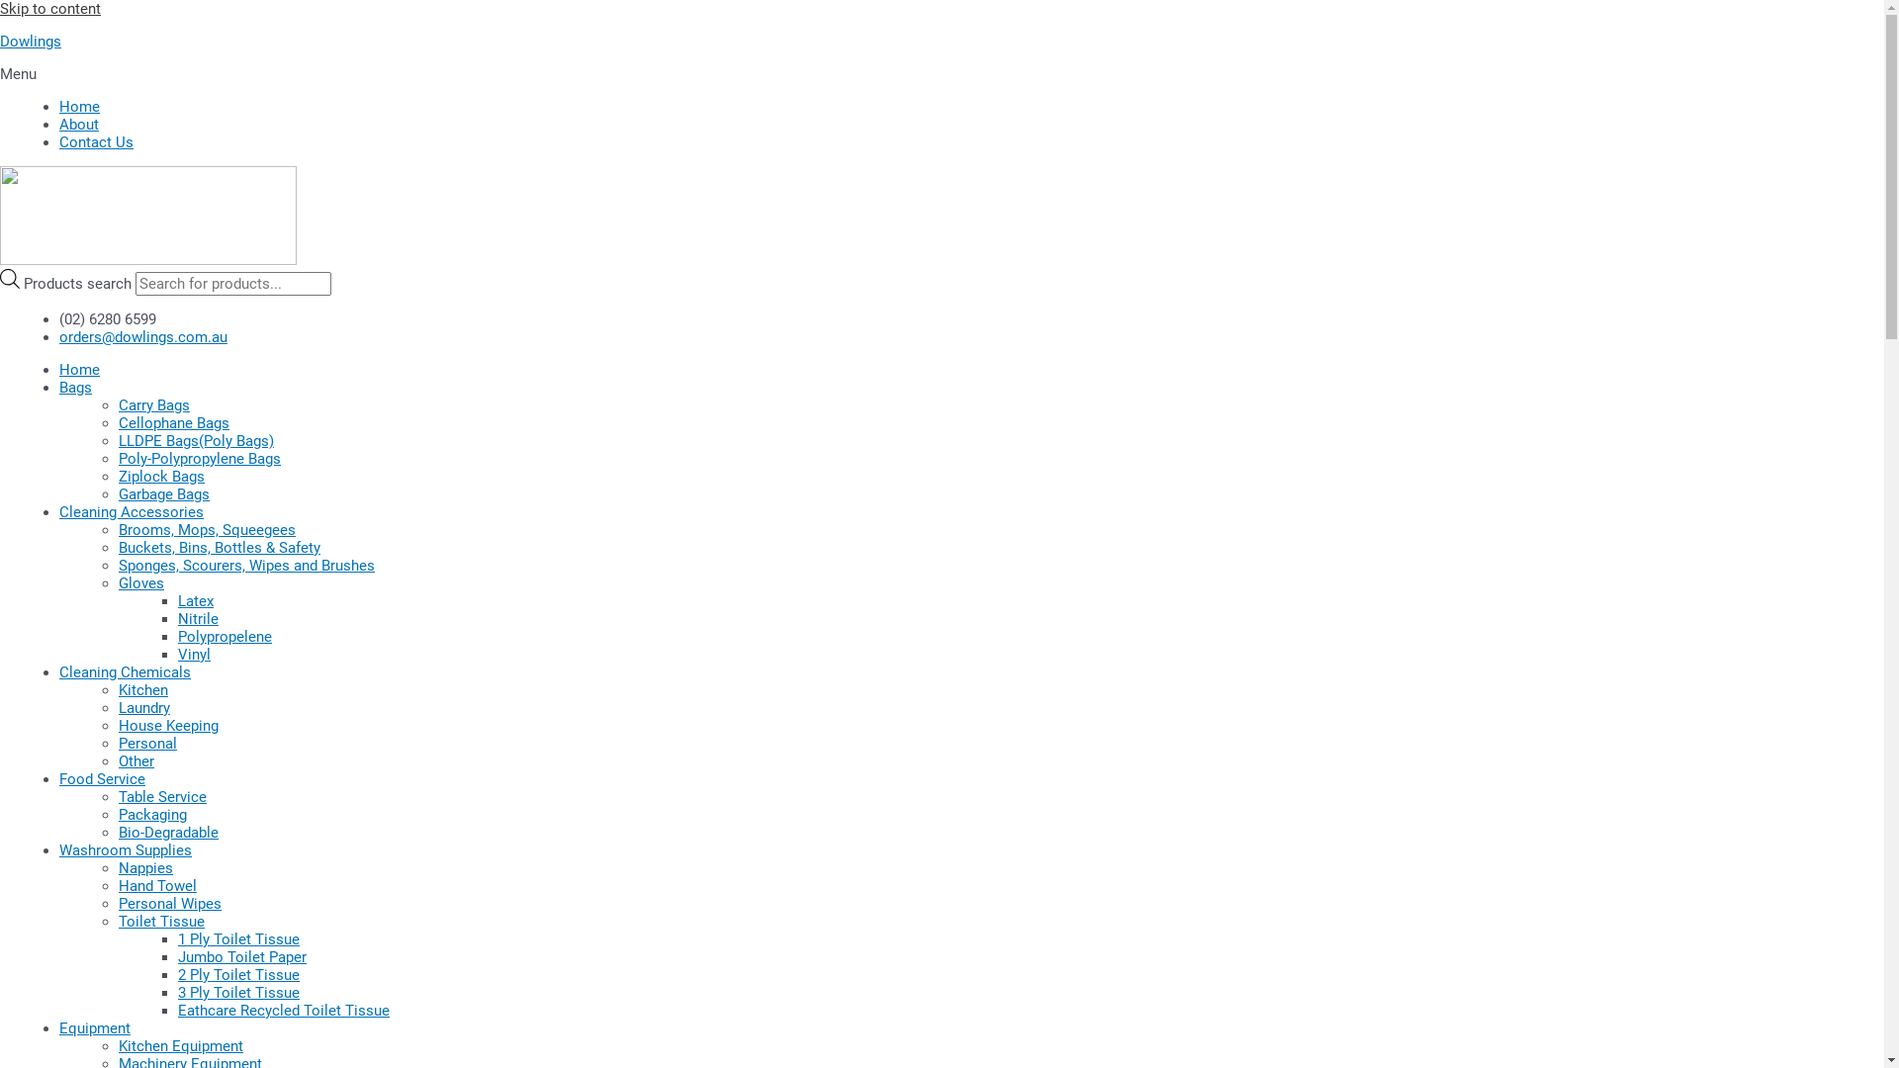 The height and width of the screenshot is (1068, 1899). I want to click on 'Other', so click(136, 760).